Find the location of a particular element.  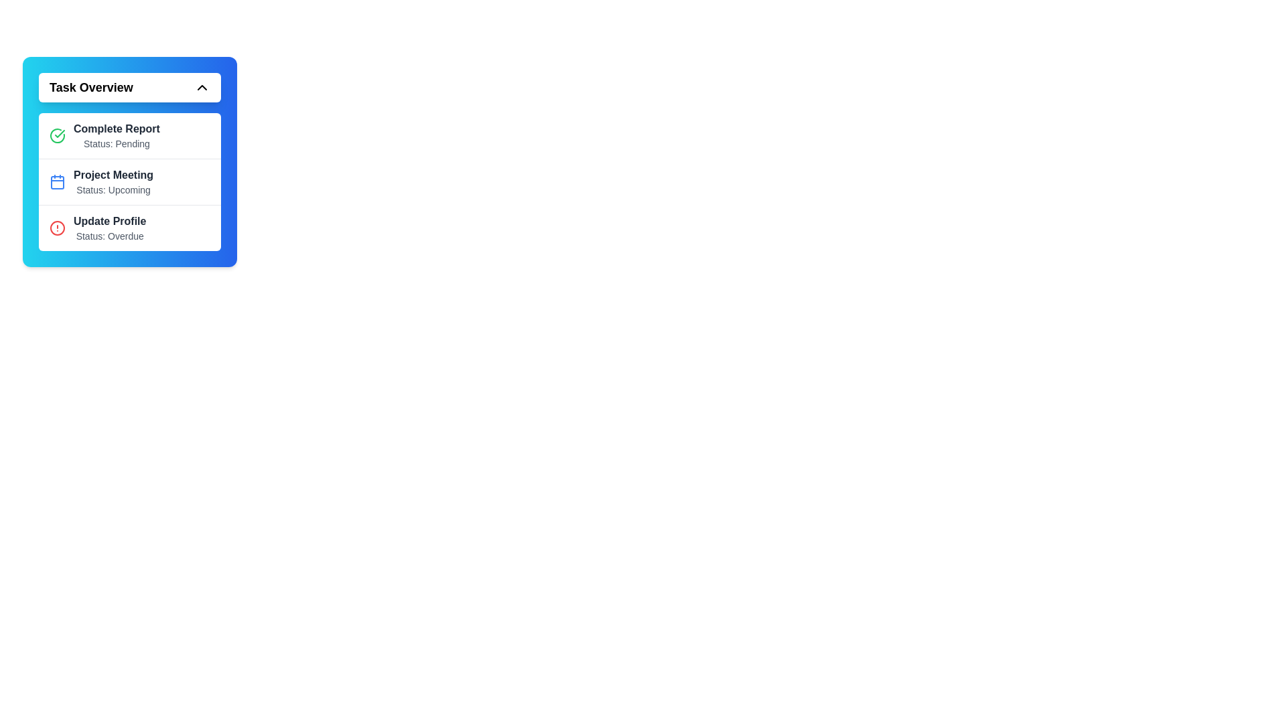

the task icon for Update Profile is located at coordinates (57, 227).